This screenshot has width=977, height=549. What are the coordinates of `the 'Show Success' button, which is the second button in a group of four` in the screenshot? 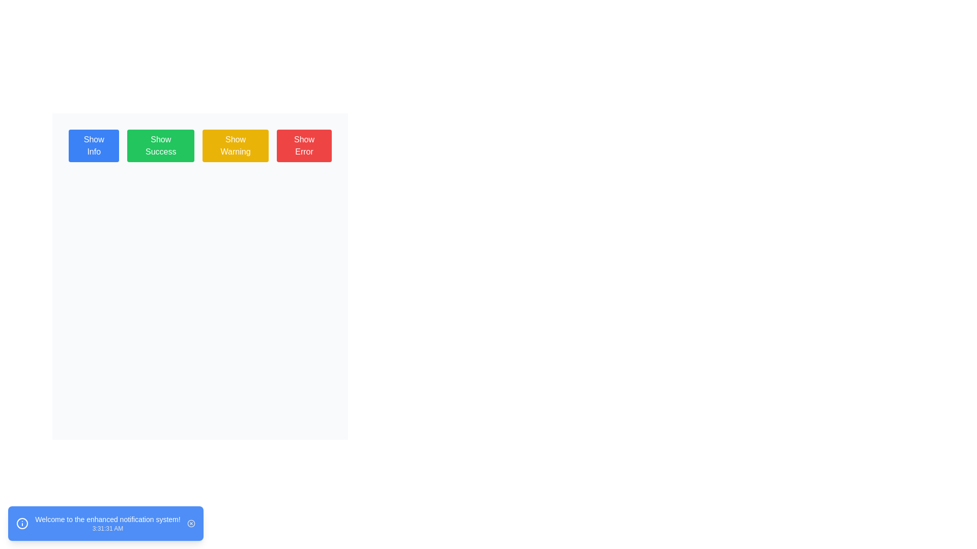 It's located at (160, 145).